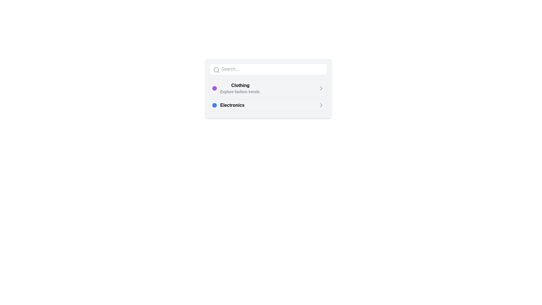  Describe the element at coordinates (214, 88) in the screenshot. I see `the visual marker or bullet point that highlights the 'Clothing' section, positioned to the left of the text 'Clothing Explore fashion trends.'` at that location.